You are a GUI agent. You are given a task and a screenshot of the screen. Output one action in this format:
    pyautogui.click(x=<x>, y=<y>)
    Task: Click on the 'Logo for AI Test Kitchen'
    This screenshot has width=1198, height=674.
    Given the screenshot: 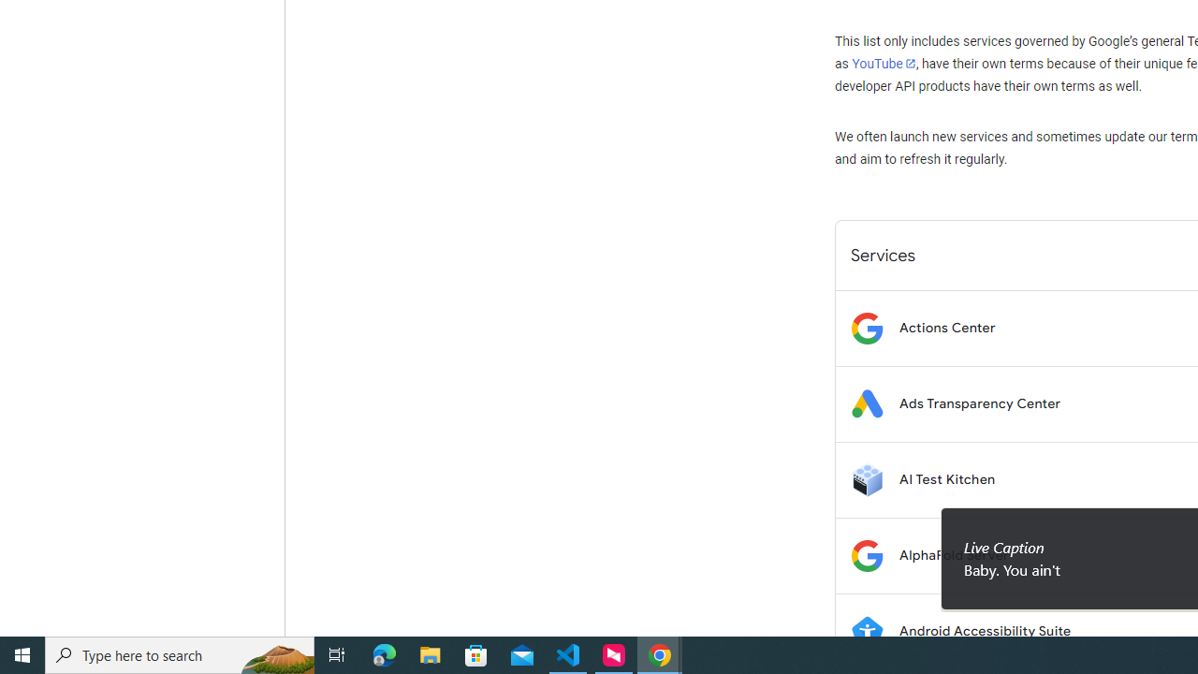 What is the action you would take?
    pyautogui.click(x=866, y=478)
    